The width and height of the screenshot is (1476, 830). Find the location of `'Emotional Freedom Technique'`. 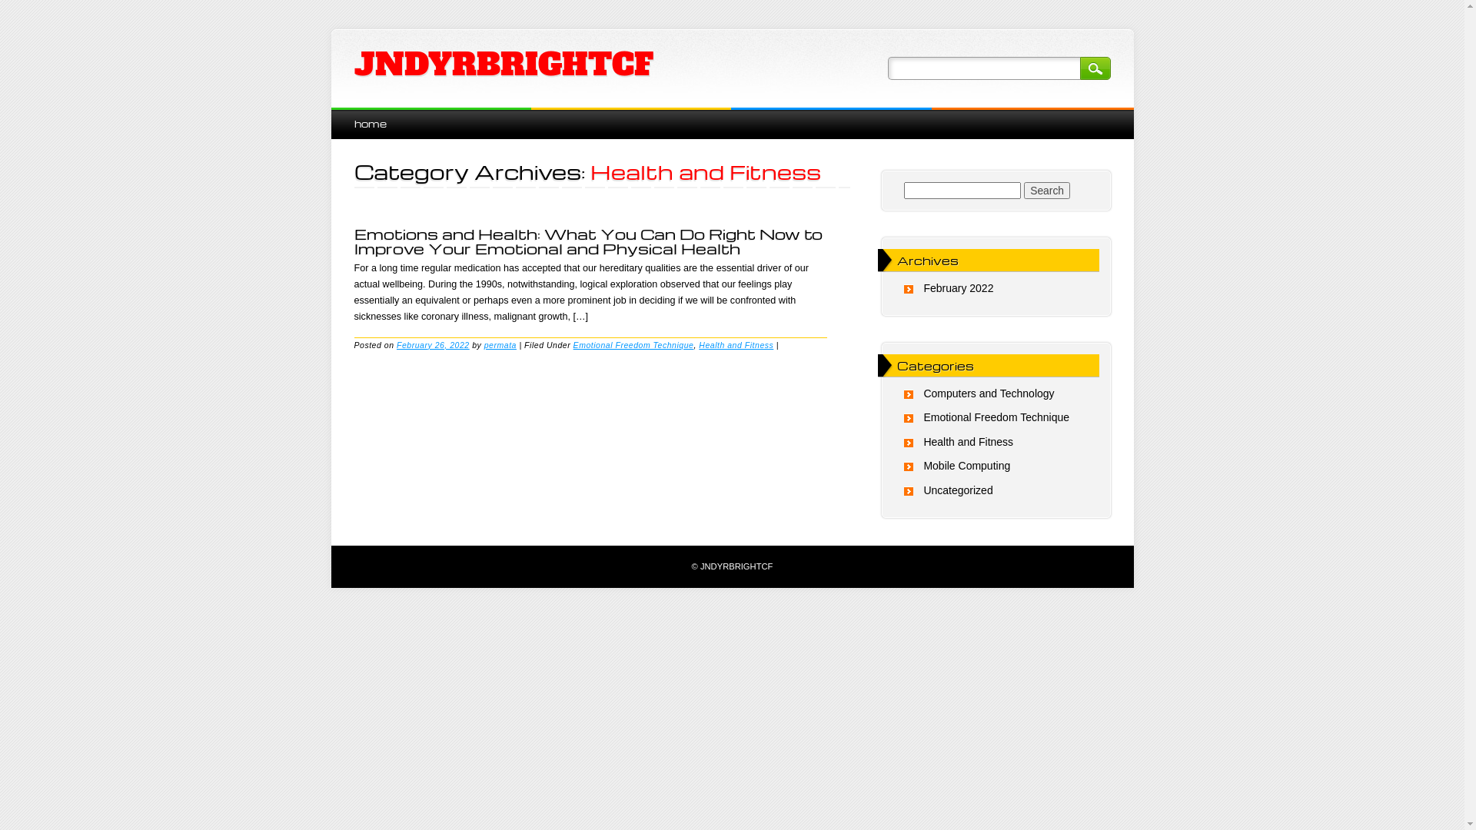

'Emotional Freedom Technique' is located at coordinates (572, 343).